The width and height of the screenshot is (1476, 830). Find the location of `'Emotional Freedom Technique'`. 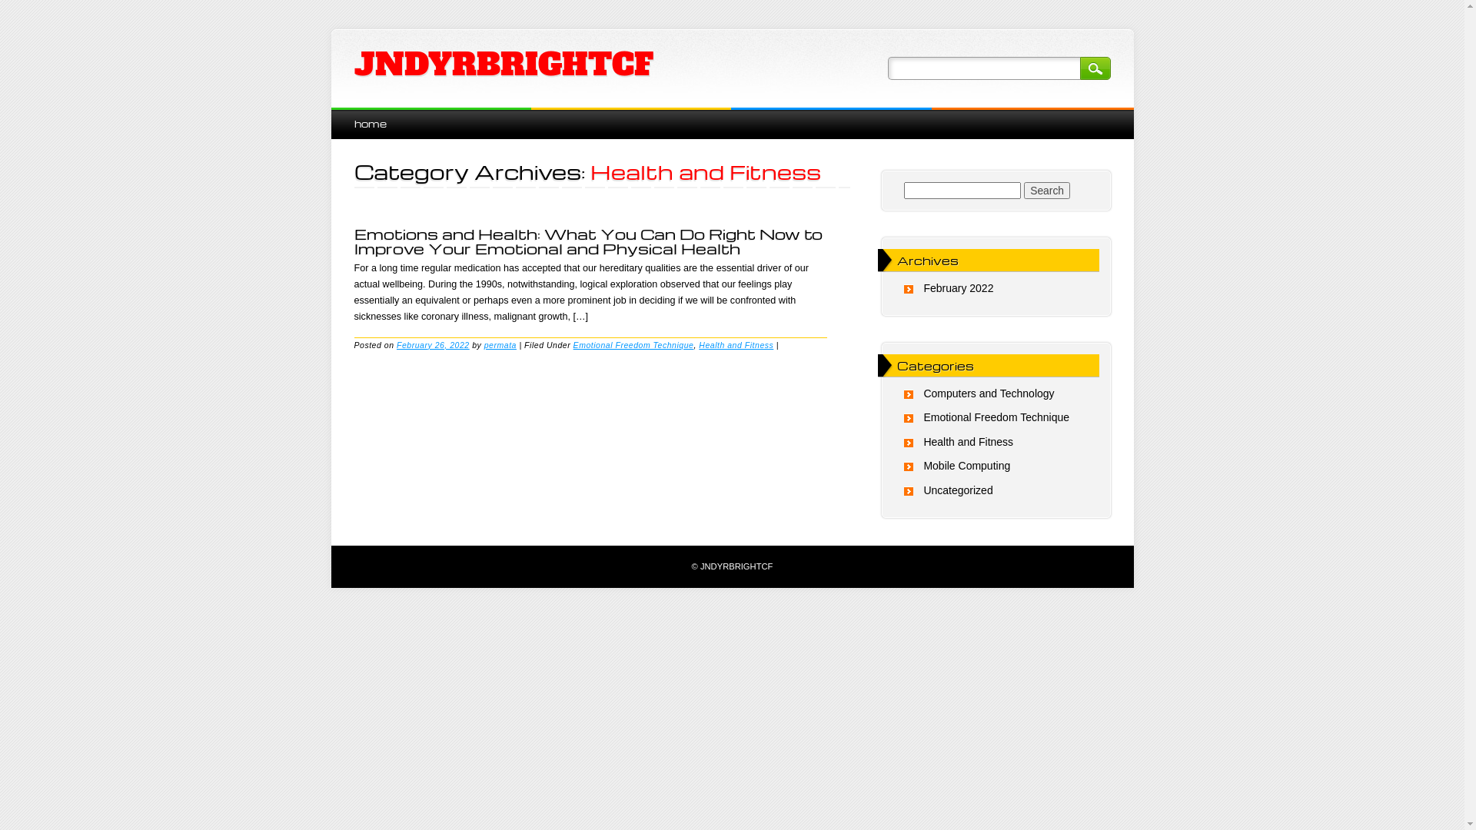

'Emotional Freedom Technique' is located at coordinates (572, 343).